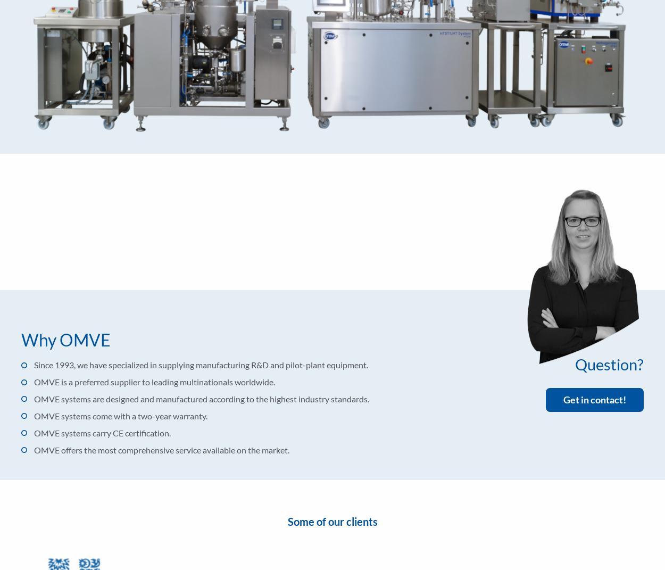  What do you see at coordinates (287, 521) in the screenshot?
I see `'Some of our clients'` at bounding box center [287, 521].